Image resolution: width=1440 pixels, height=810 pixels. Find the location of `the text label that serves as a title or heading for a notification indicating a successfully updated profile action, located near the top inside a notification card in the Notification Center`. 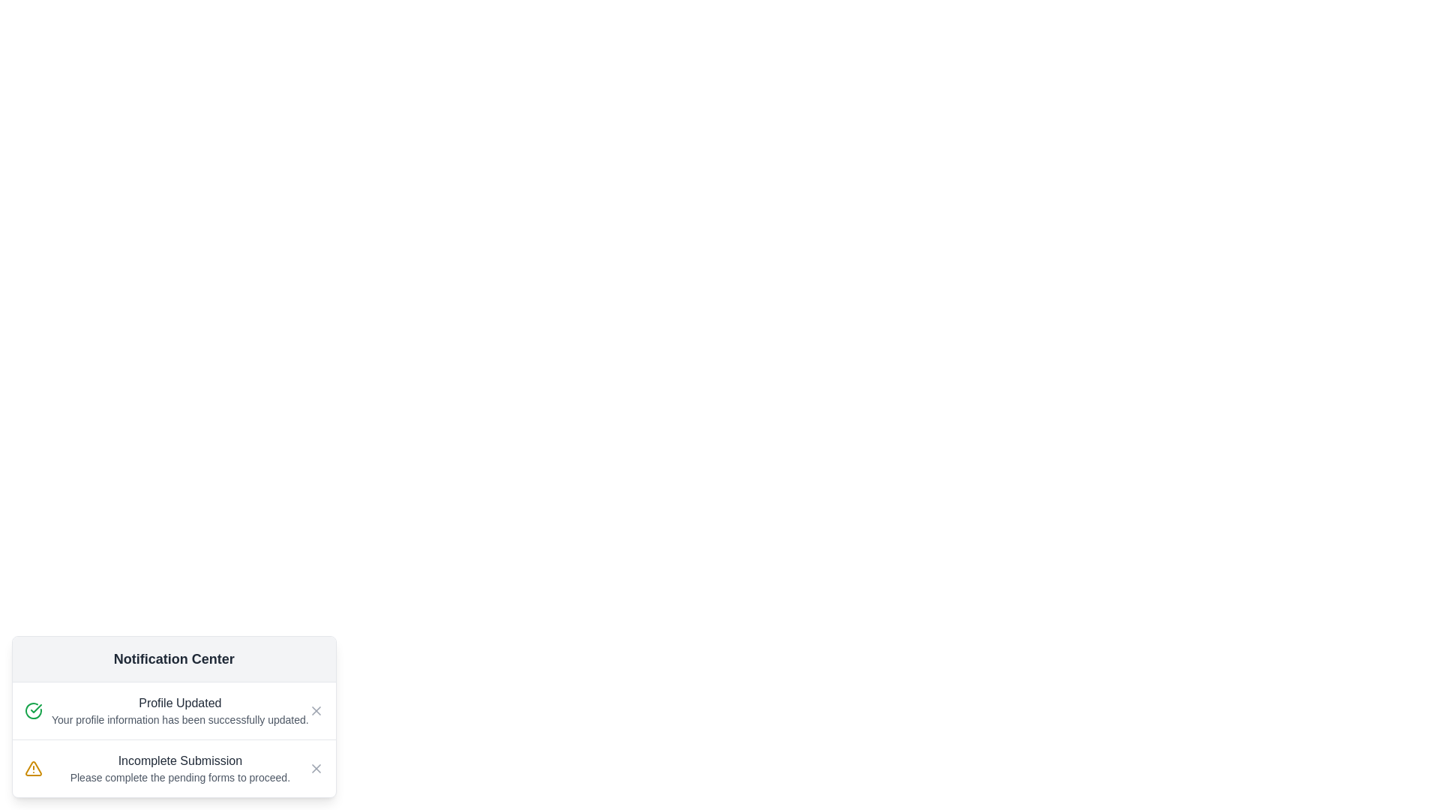

the text label that serves as a title or heading for a notification indicating a successfully updated profile action, located near the top inside a notification card in the Notification Center is located at coordinates (180, 703).